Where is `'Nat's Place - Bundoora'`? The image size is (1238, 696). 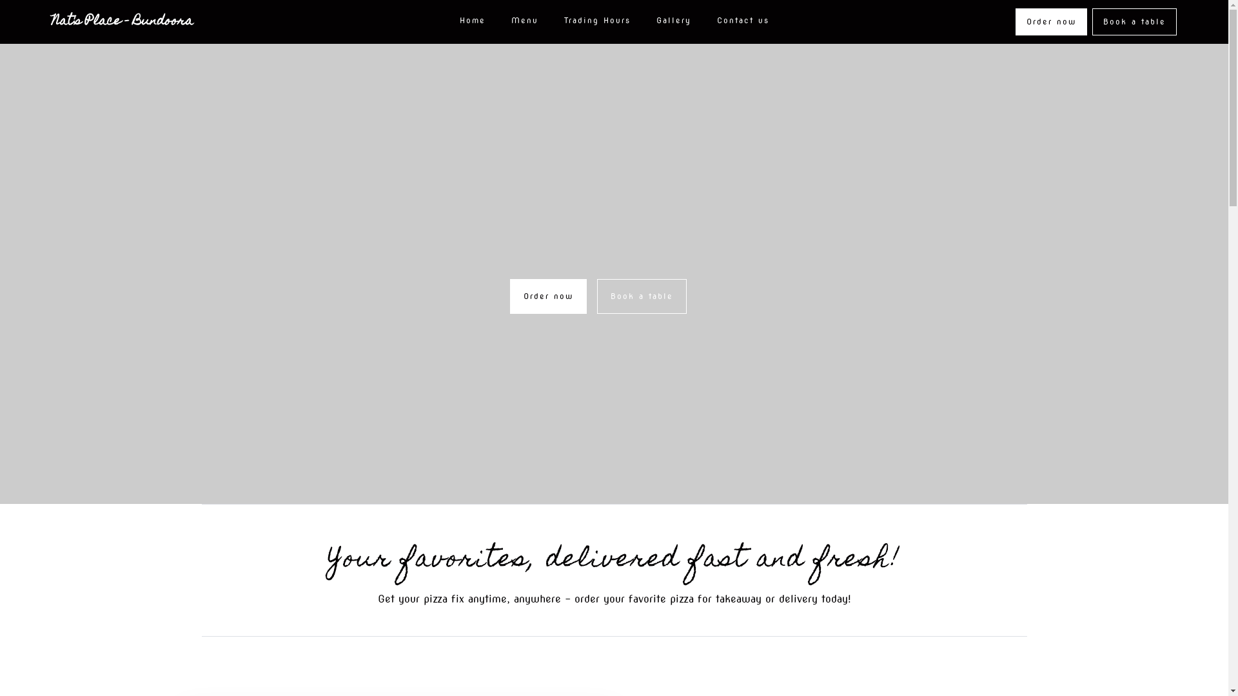 'Nat's Place - Bundoora' is located at coordinates (123, 21).